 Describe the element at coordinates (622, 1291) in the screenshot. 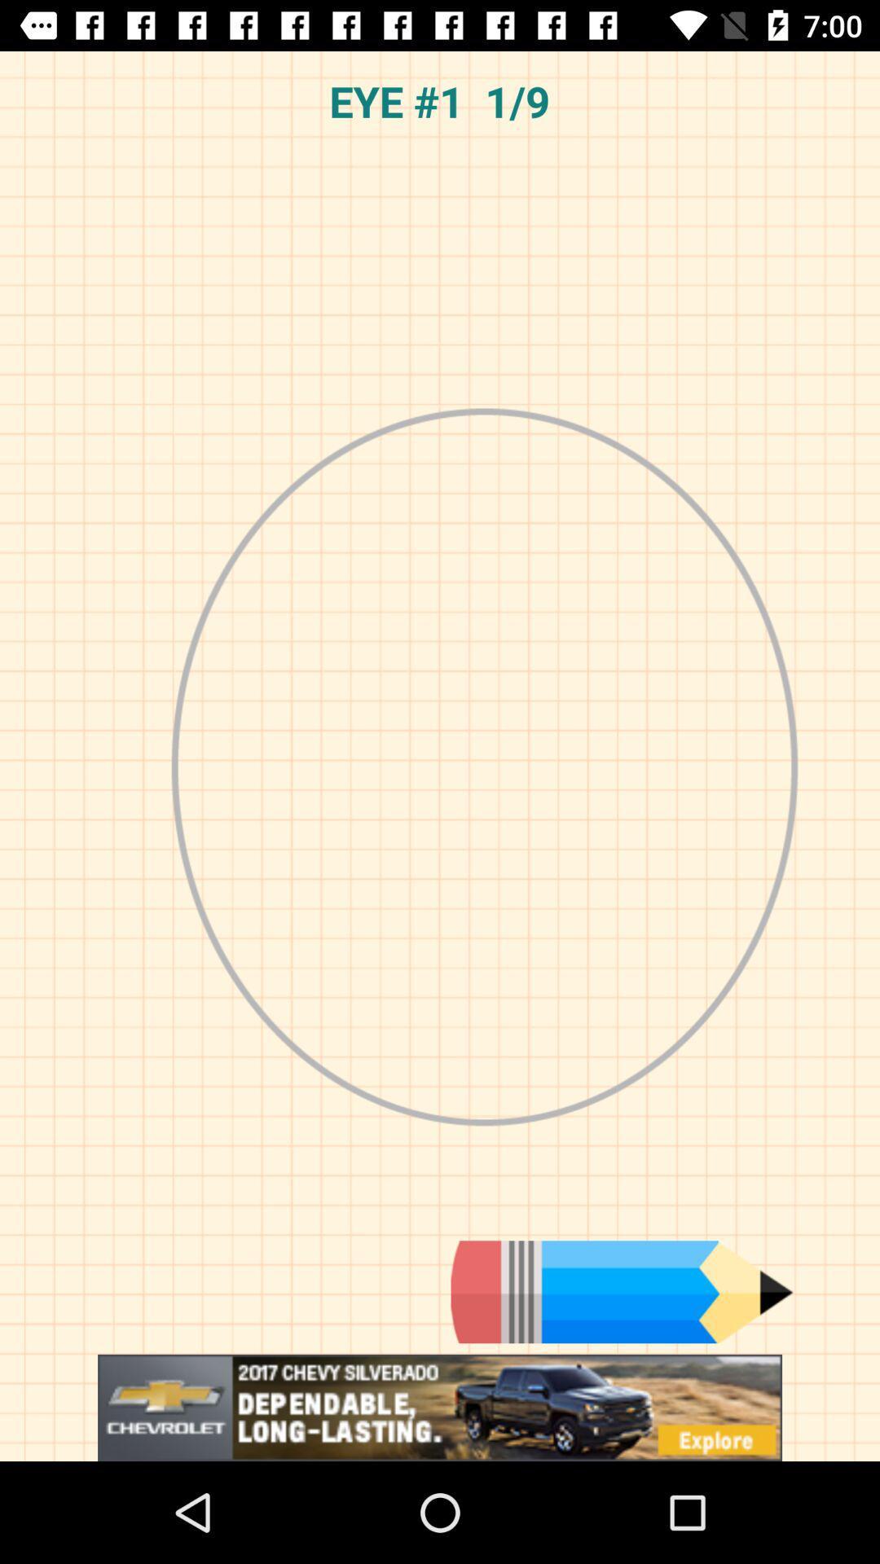

I see `access pencil tool` at that location.